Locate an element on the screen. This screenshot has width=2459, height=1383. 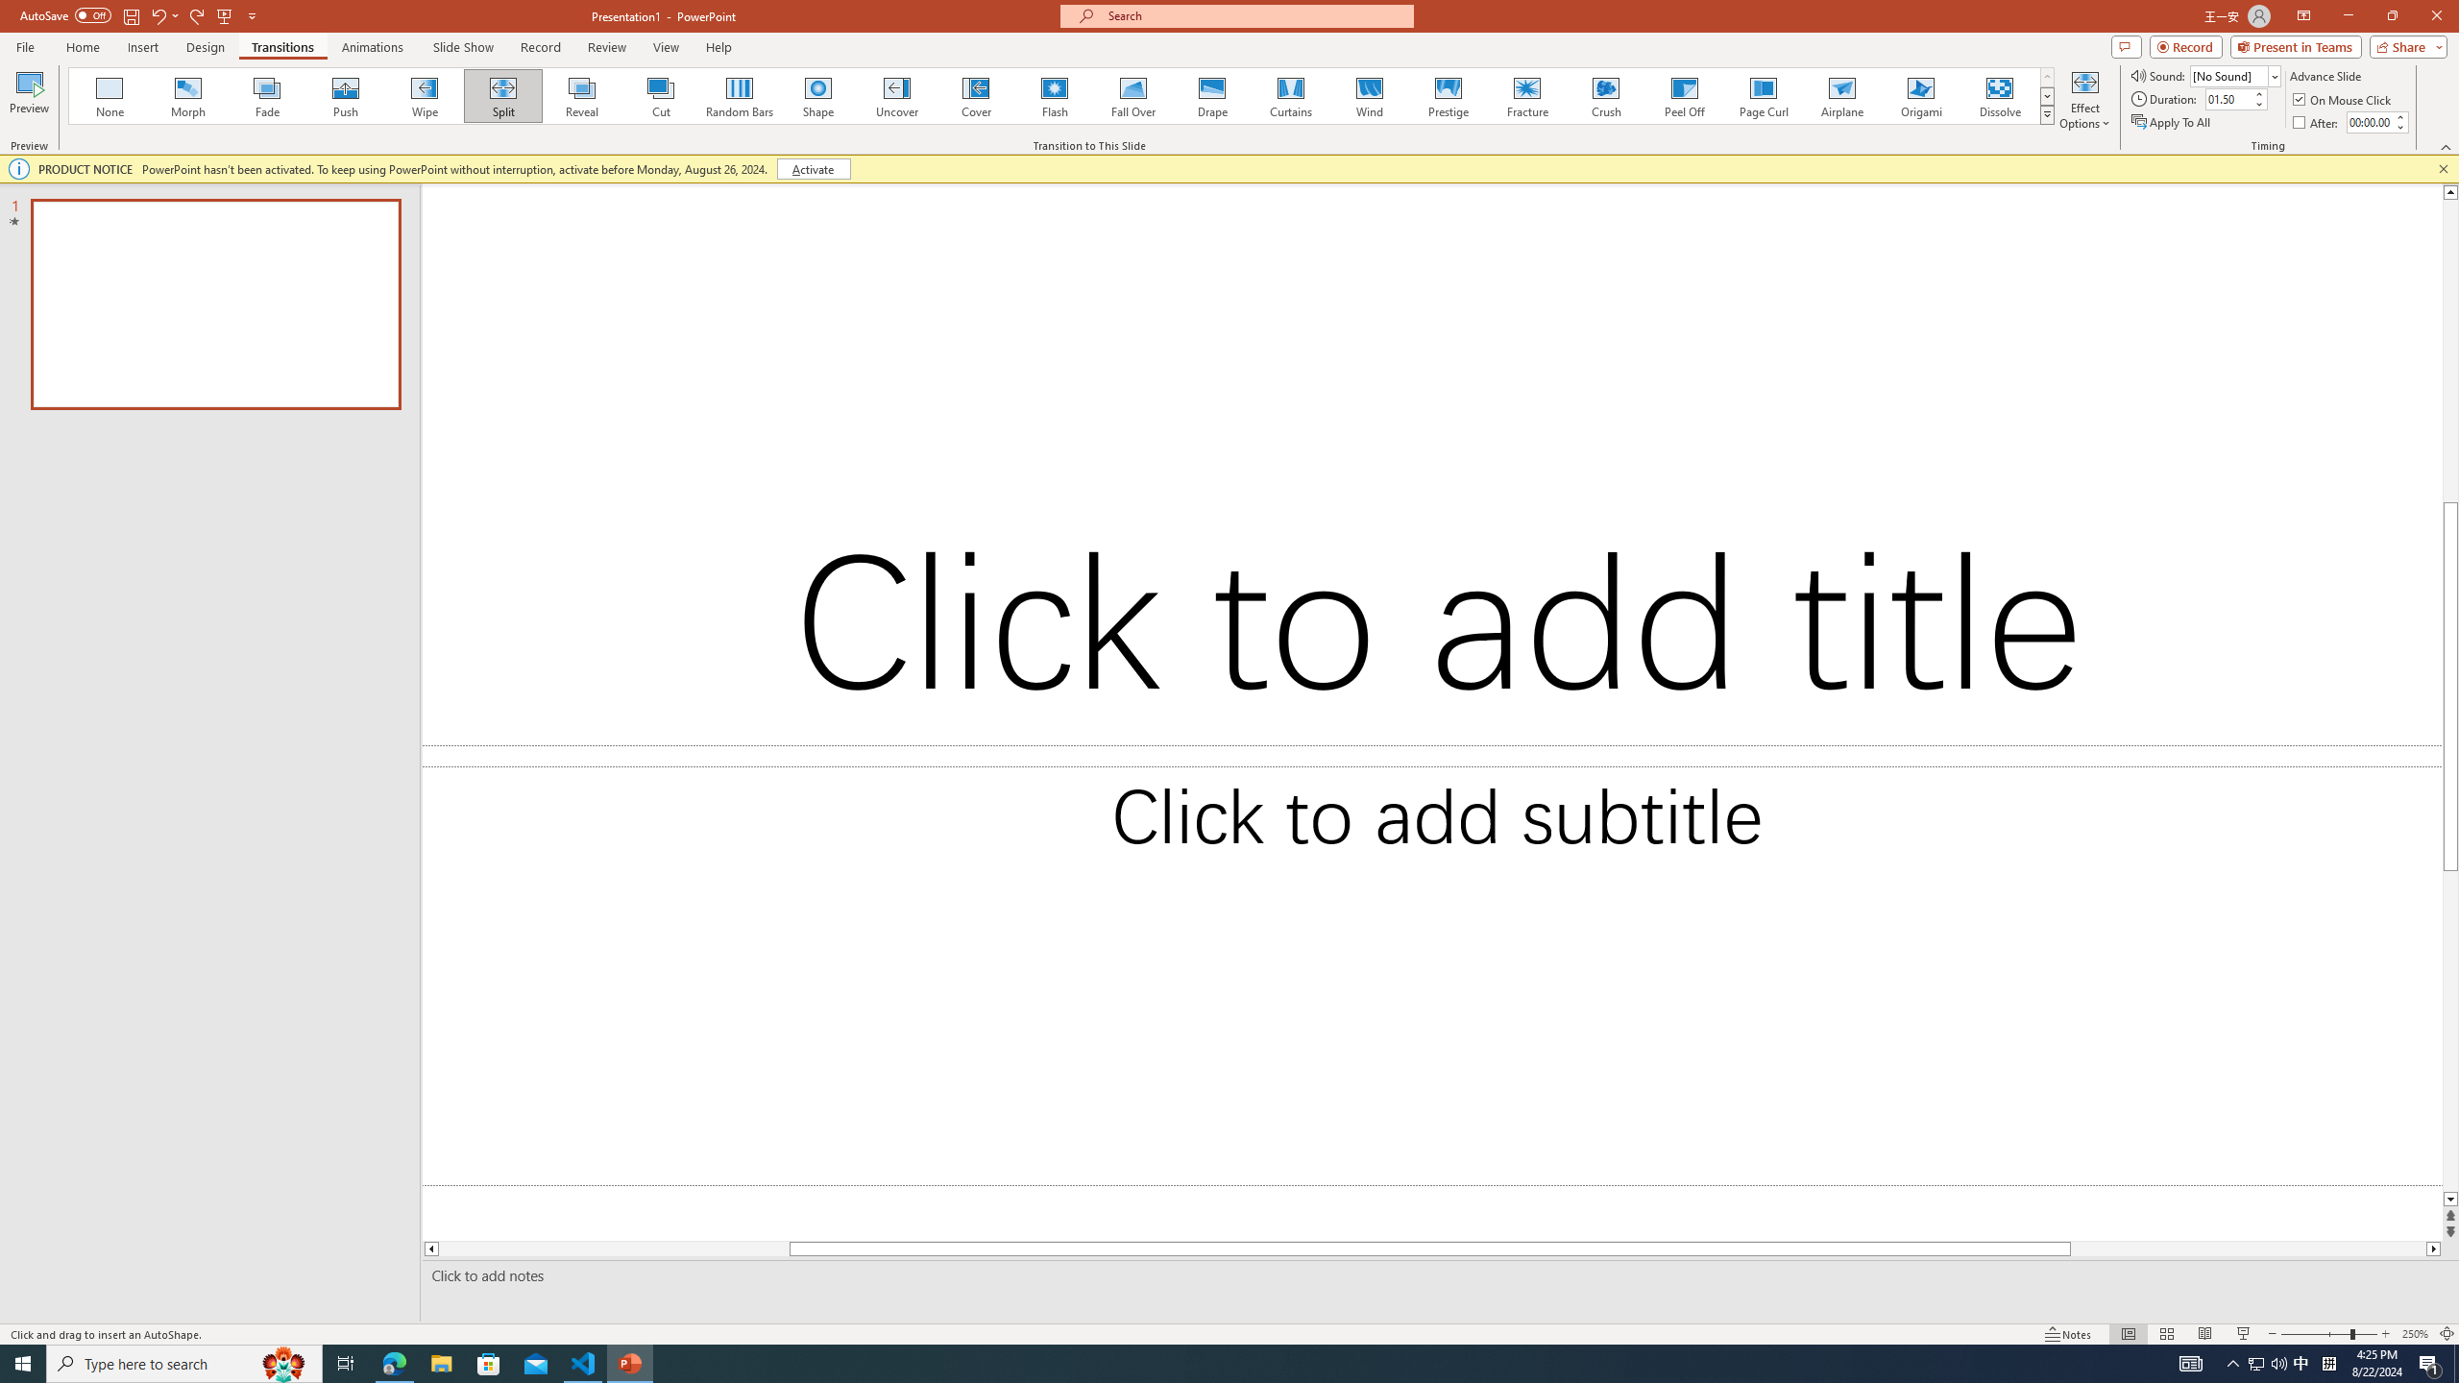
'More' is located at coordinates (2399, 115).